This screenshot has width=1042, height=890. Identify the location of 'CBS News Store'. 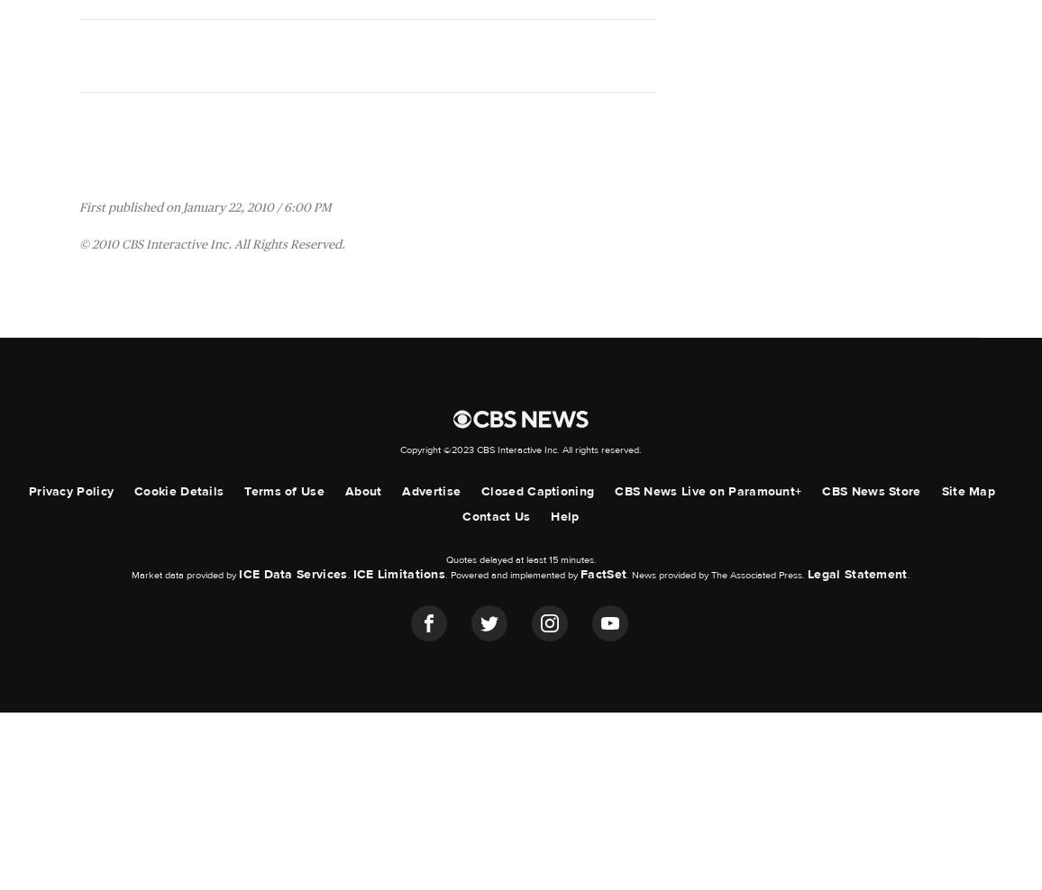
(871, 490).